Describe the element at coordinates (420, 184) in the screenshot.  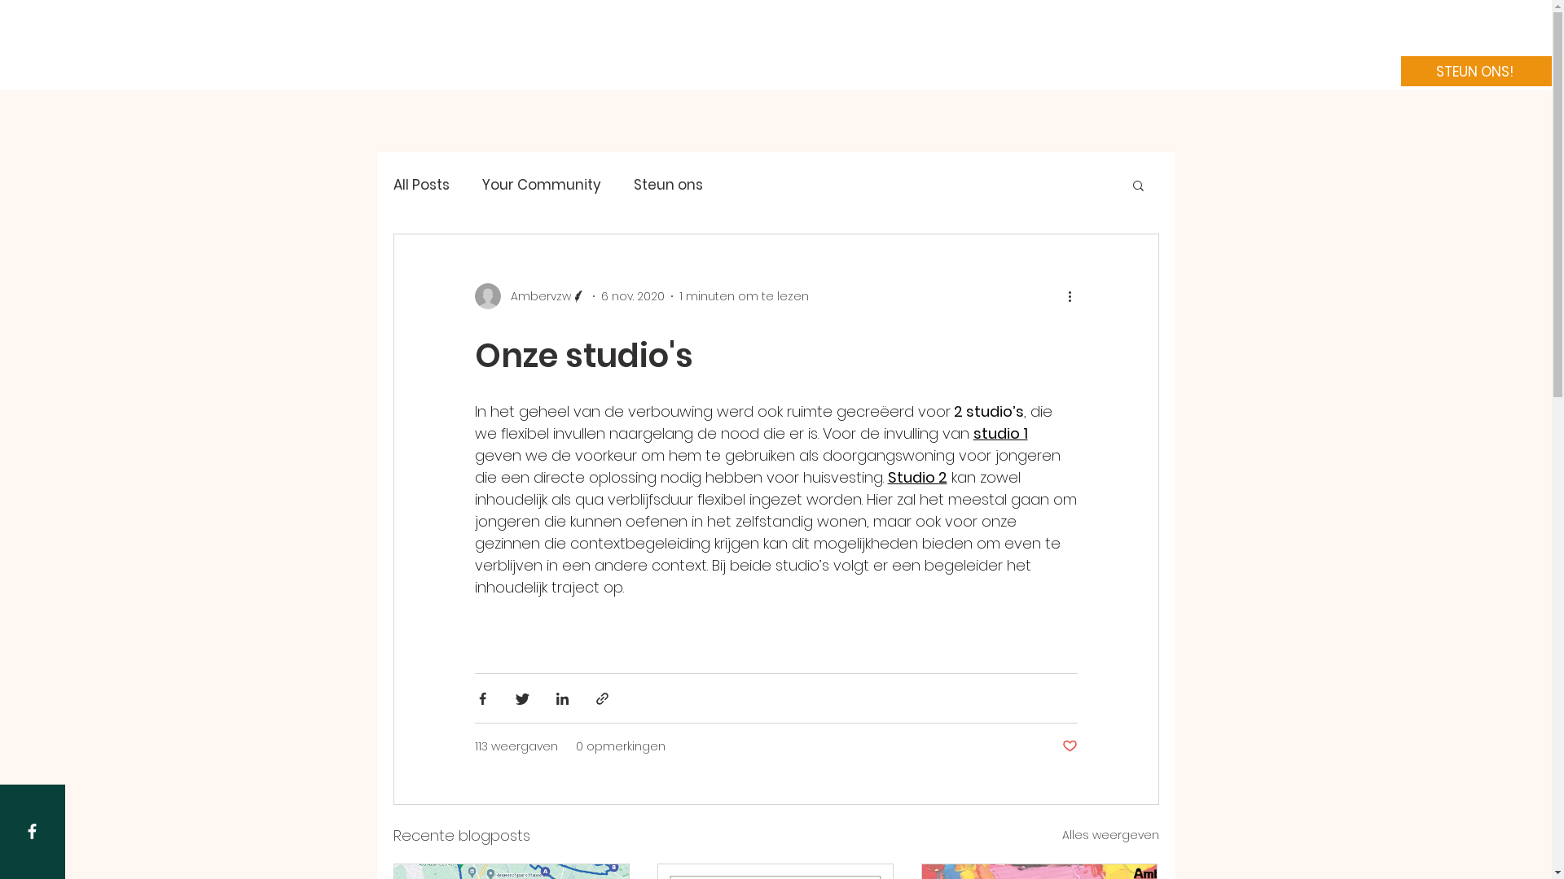
I see `'All Posts'` at that location.